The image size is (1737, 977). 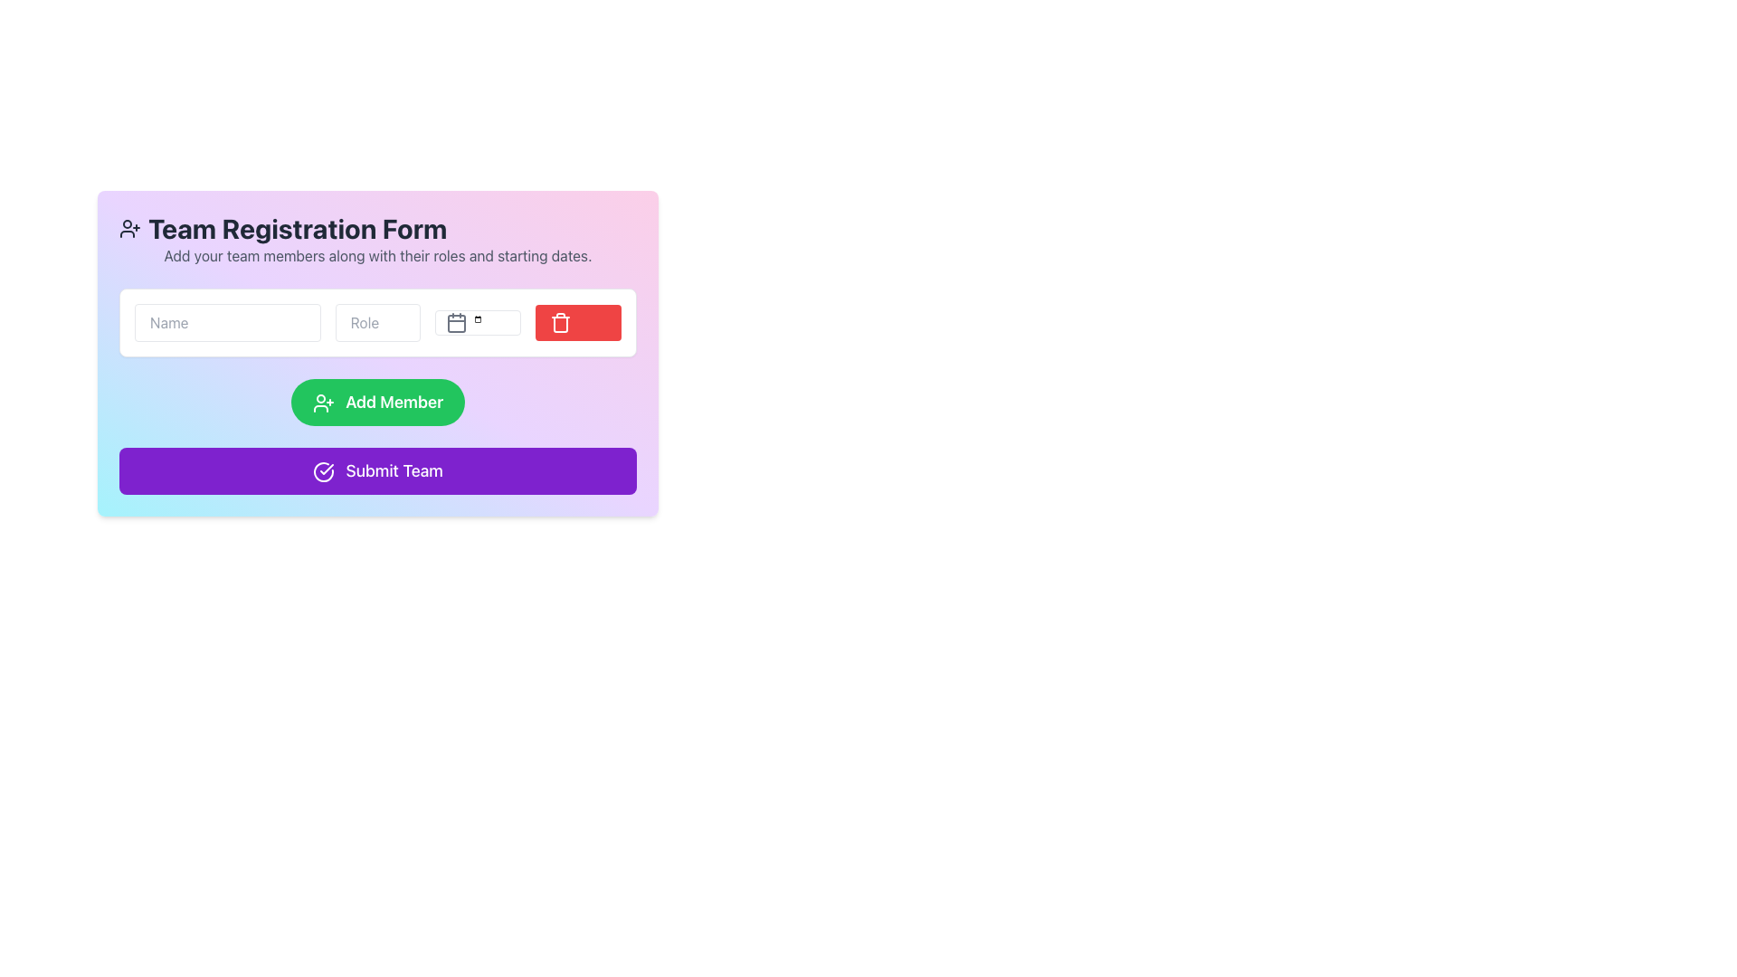 I want to click on the decorative icon located to the left of the 'Team Registration Form' title in the header area, so click(x=129, y=228).